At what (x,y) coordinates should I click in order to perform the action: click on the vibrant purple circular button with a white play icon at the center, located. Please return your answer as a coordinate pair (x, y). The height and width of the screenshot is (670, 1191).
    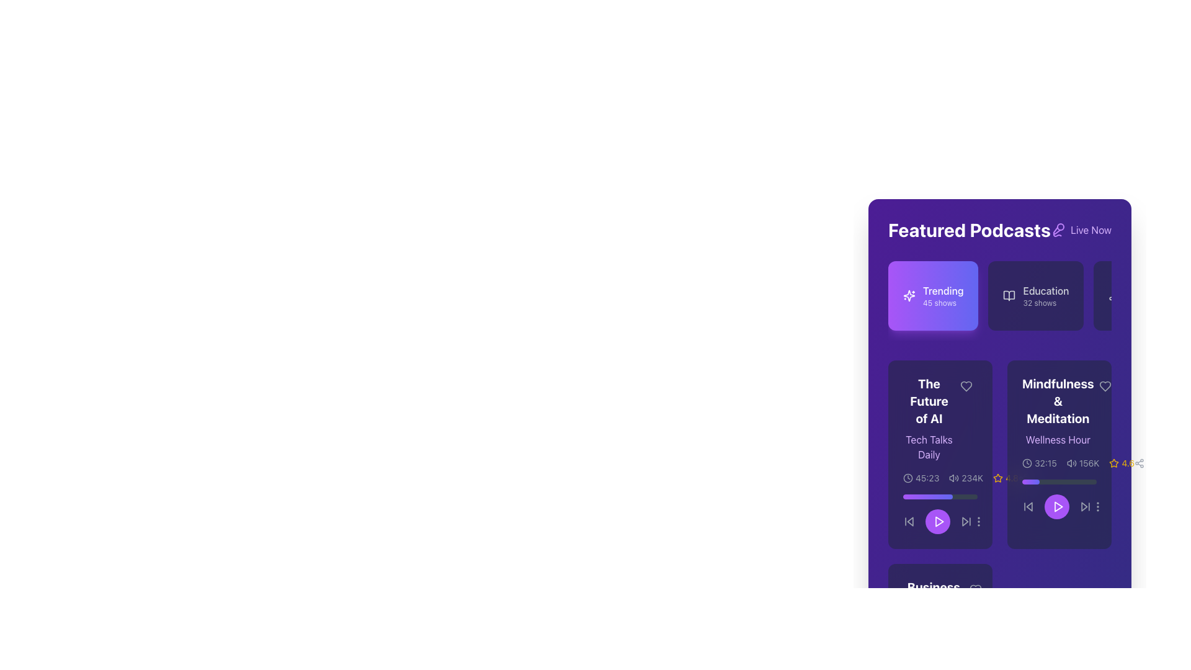
    Looking at the image, I should click on (1059, 499).